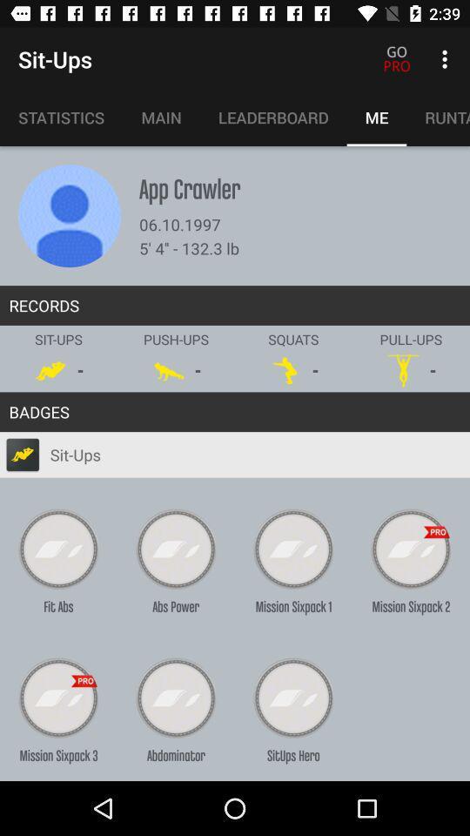  What do you see at coordinates (69, 215) in the screenshot?
I see `profile picture` at bounding box center [69, 215].